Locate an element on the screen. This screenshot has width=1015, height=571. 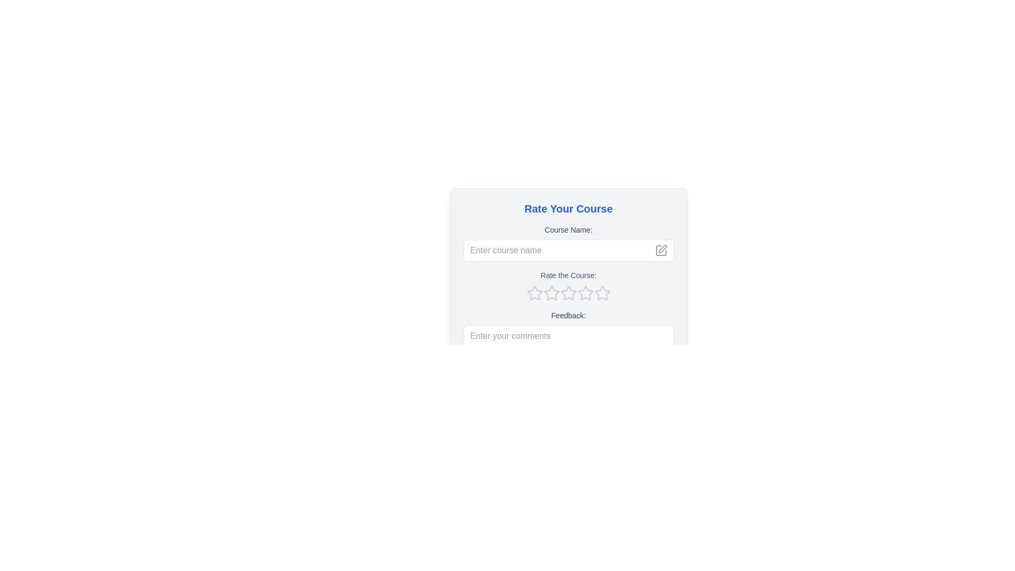
the third star icon in the five-star rating system below the text 'Rate the Course' is located at coordinates (568, 293).